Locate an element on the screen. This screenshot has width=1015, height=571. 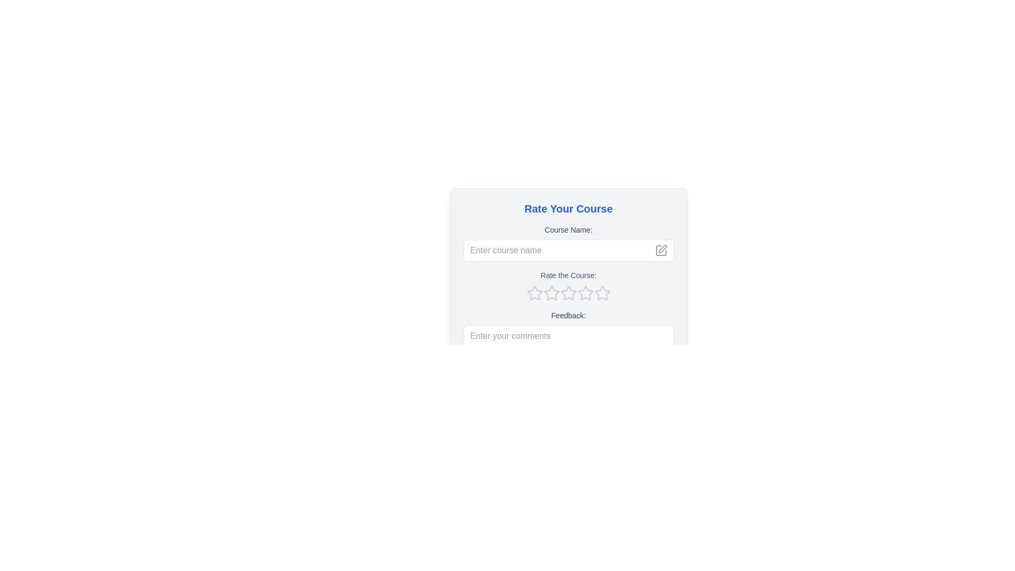
the third star icon in the five-star rating system below the text 'Rate the Course' is located at coordinates (568, 293).